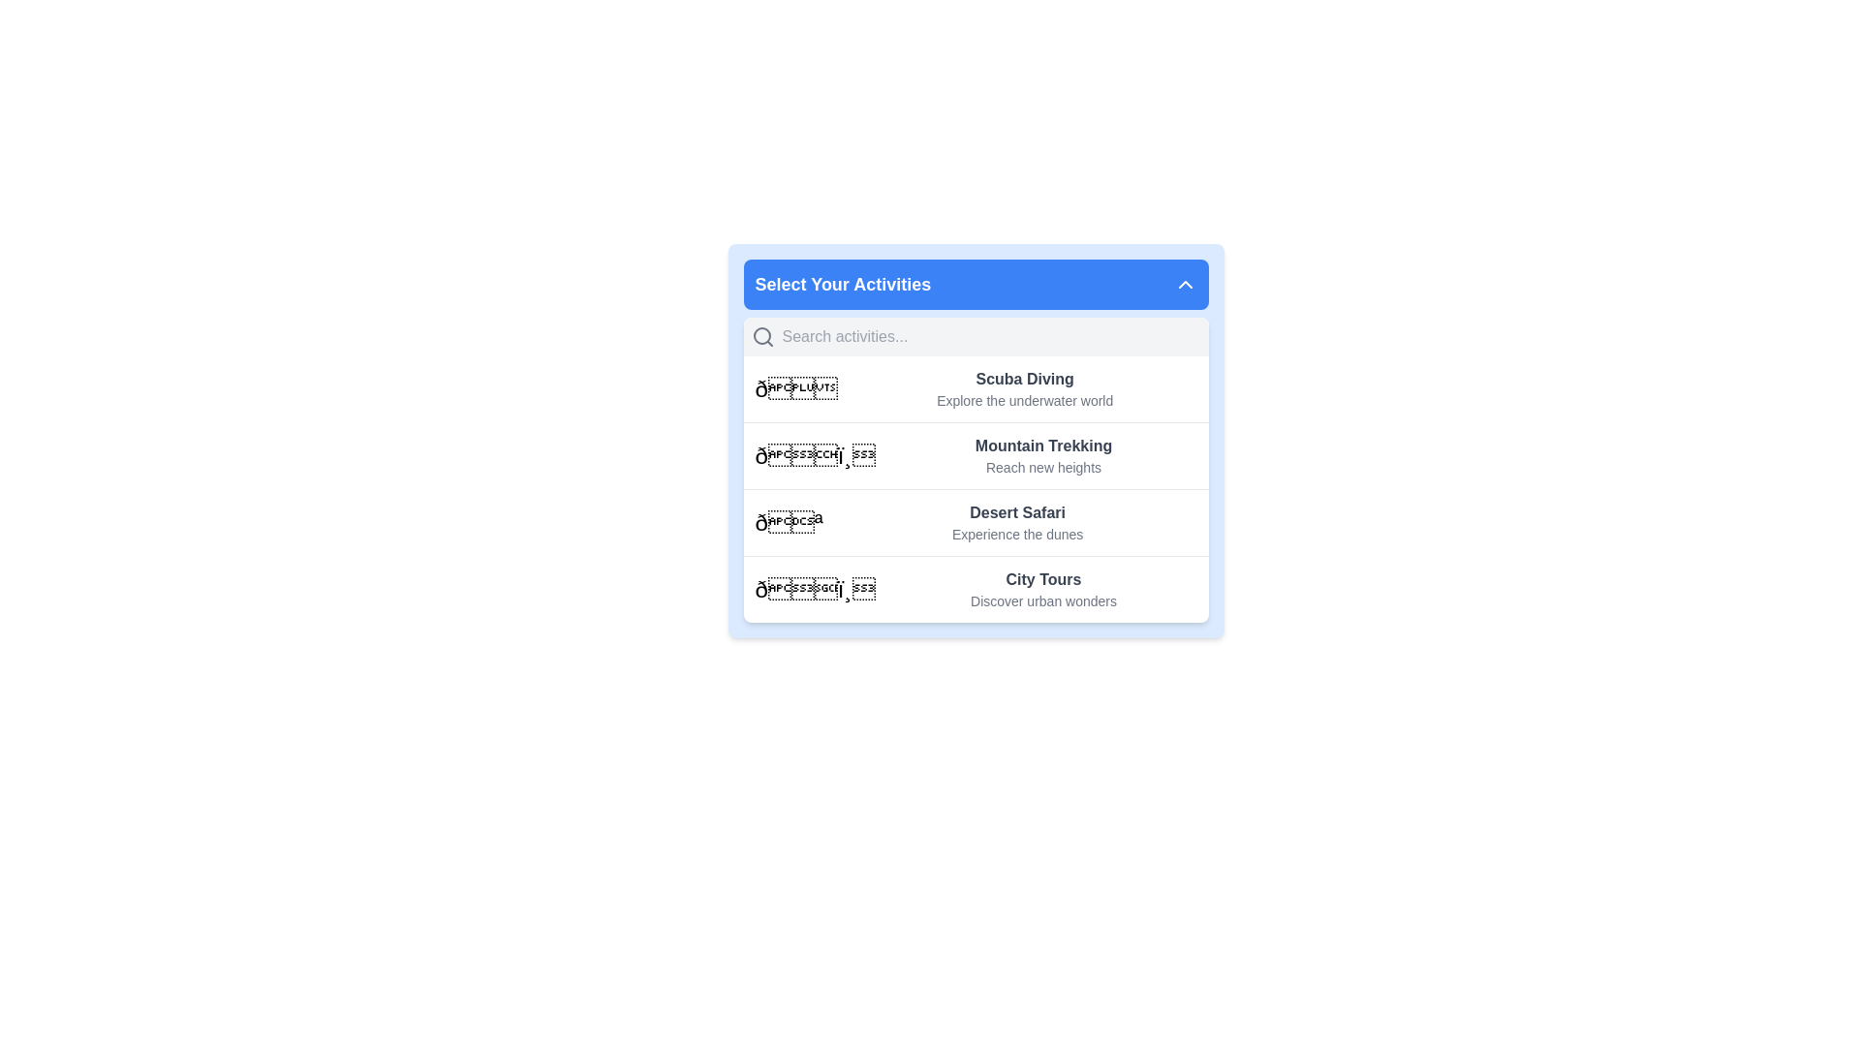 This screenshot has width=1860, height=1046. What do you see at coordinates (976, 455) in the screenshot?
I see `text contained in the list item featuring a mountain icon and the bold text 'Mountain Trekking' along with its subtitle 'Reach new heights'` at bounding box center [976, 455].